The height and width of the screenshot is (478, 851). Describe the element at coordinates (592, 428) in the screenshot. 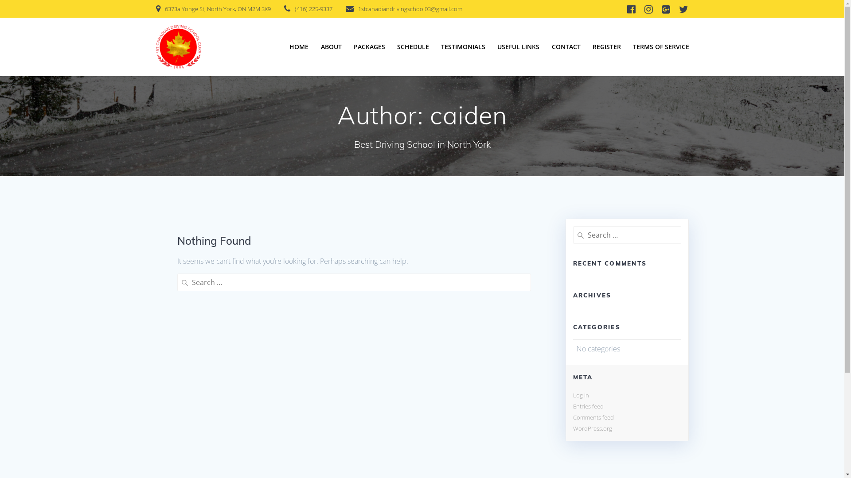

I see `'WordPress.org'` at that location.